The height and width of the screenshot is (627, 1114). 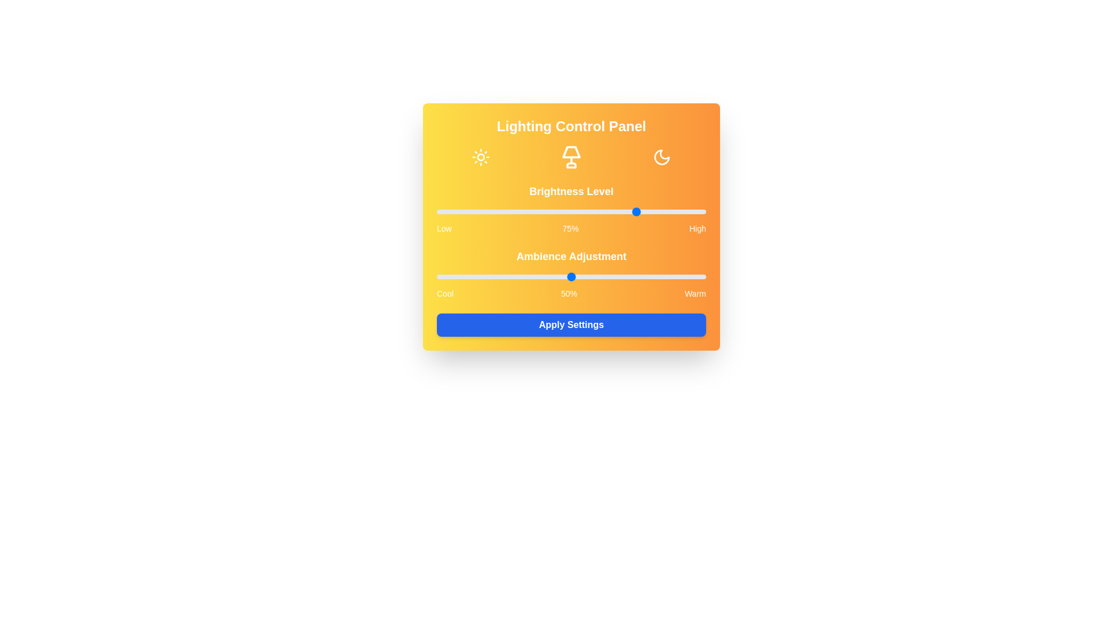 What do you see at coordinates (635, 212) in the screenshot?
I see `the brightness slider to set the brightness level to 74%` at bounding box center [635, 212].